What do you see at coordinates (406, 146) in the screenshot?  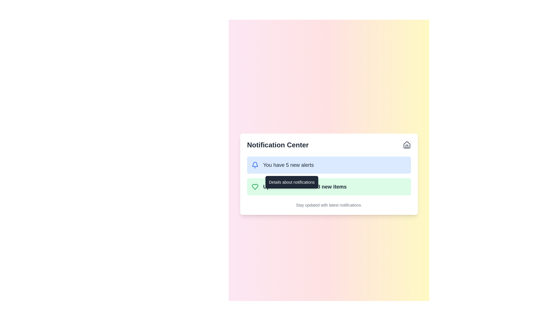 I see `the small gray house icon located in the upper-right corner of the Notification Center` at bounding box center [406, 146].